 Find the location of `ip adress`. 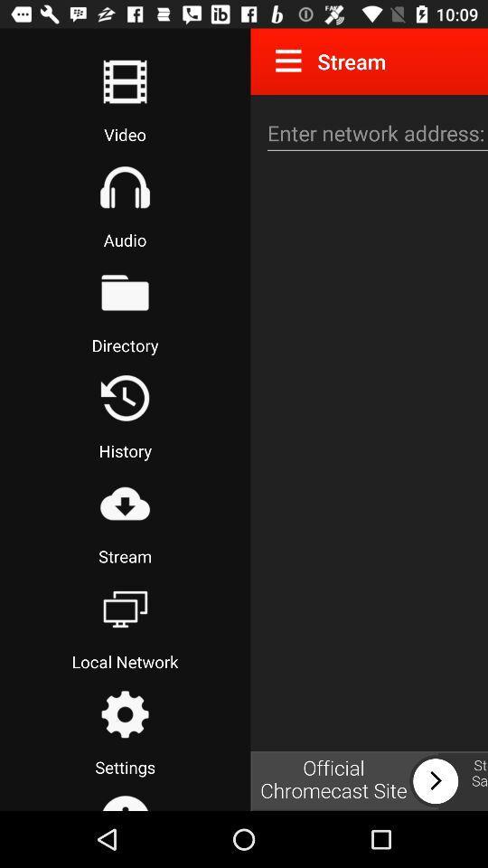

ip adress is located at coordinates (374, 132).